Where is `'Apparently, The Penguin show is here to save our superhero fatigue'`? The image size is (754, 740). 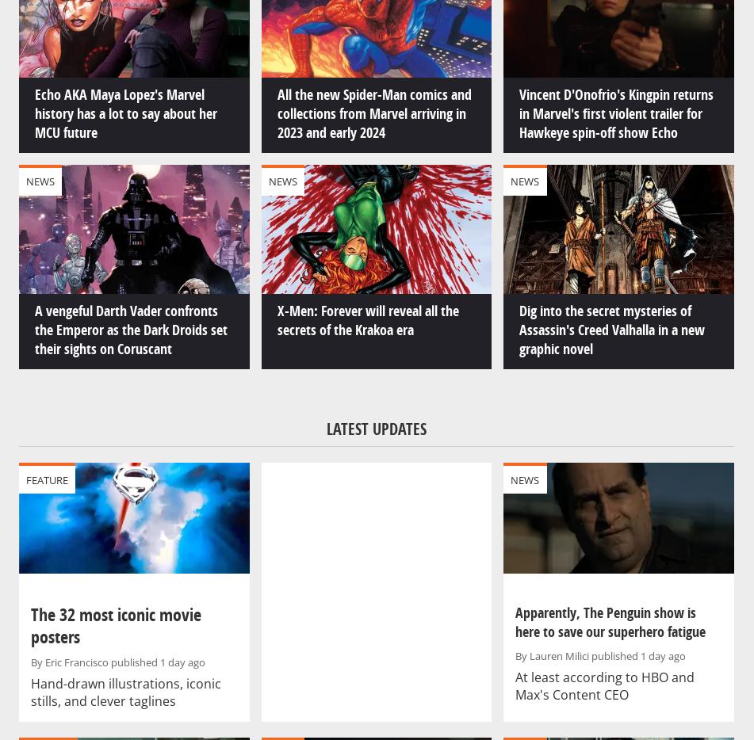
'Apparently, The Penguin show is here to save our superhero fatigue' is located at coordinates (515, 621).